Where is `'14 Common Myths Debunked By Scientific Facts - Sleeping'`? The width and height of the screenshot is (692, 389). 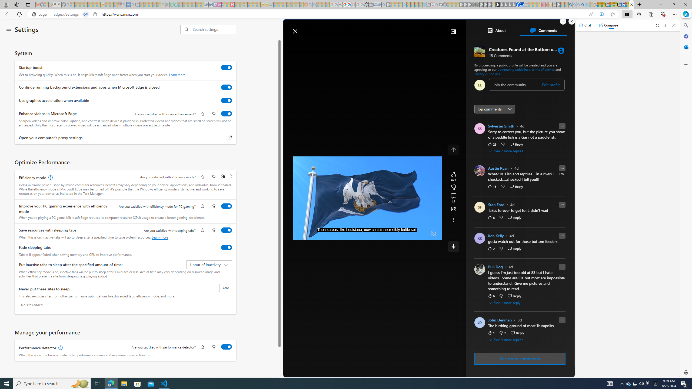 '14 Common Myths Debunked By Scientific Facts - Sleeping' is located at coordinates (241, 4).